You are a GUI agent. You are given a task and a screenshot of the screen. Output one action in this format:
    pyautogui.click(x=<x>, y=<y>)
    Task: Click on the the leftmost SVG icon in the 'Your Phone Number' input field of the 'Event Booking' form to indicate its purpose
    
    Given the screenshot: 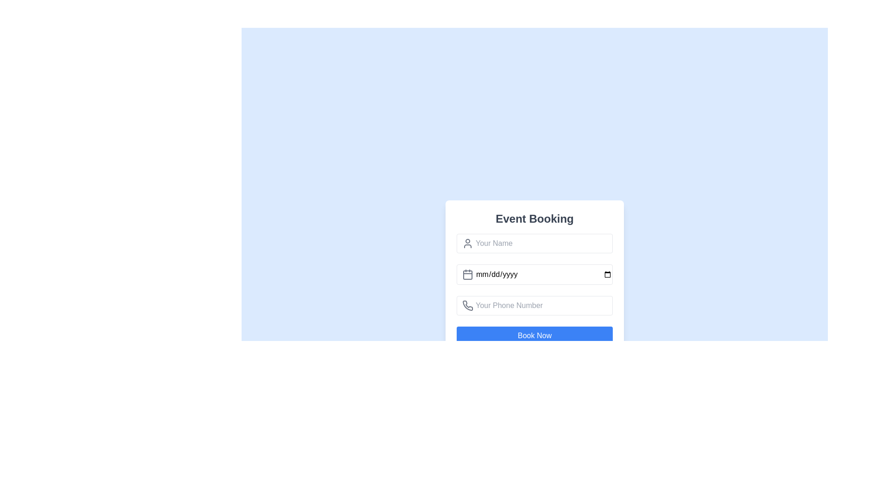 What is the action you would take?
    pyautogui.click(x=468, y=306)
    